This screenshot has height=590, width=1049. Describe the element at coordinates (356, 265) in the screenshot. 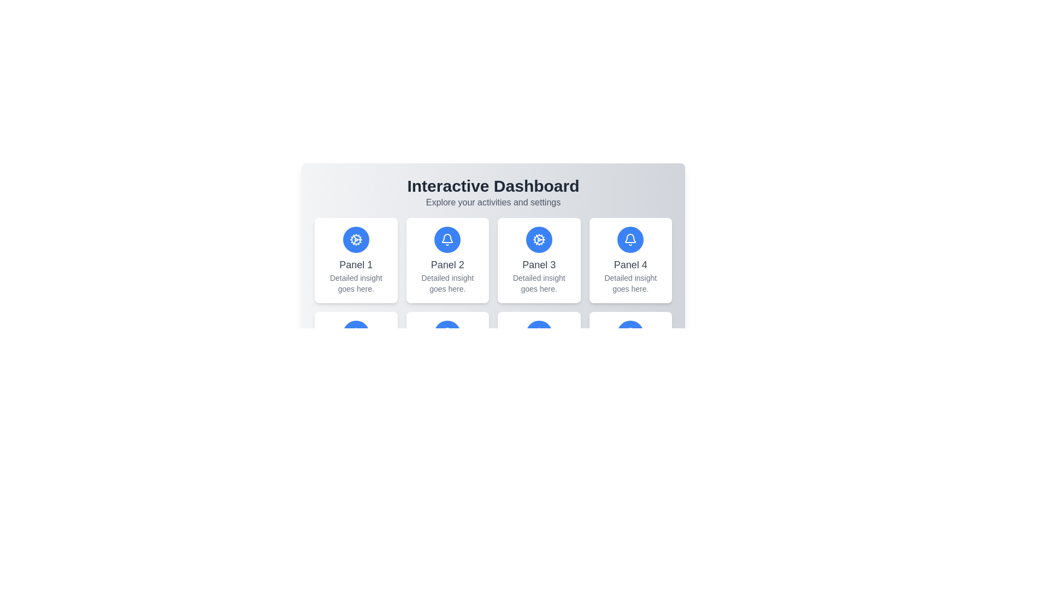

I see `text content of the label displaying 'Panel 1', which is styled with a medium-sized font and gray color, located below a blue cogwheel icon in the top left card of a grid layout` at that location.